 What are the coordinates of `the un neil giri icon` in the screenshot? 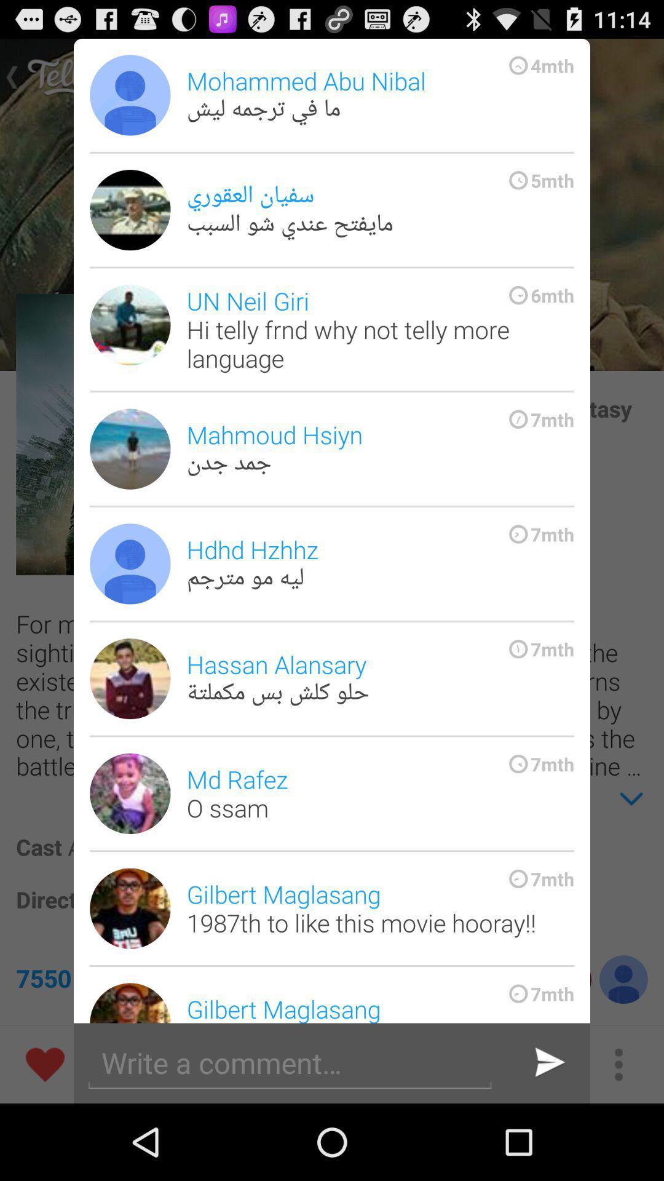 It's located at (379, 329).